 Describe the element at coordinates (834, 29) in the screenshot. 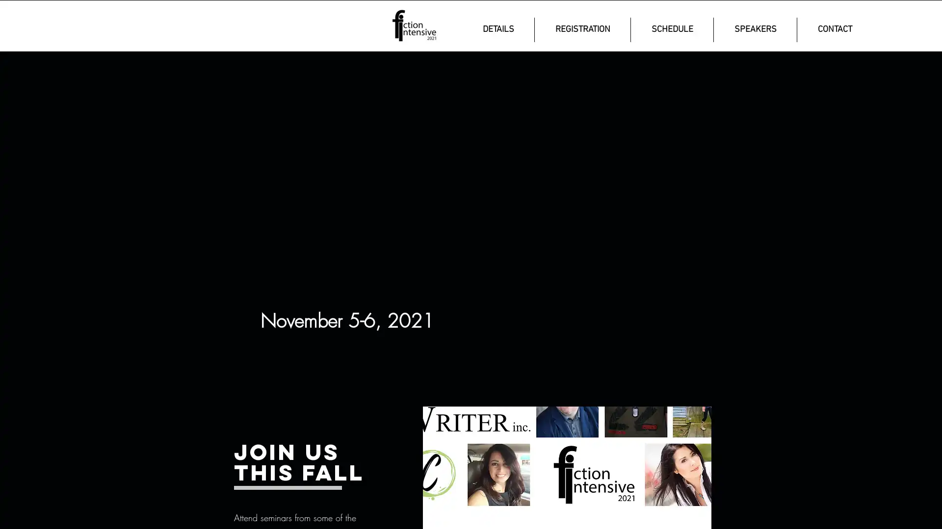

I see `CONTACT` at that location.